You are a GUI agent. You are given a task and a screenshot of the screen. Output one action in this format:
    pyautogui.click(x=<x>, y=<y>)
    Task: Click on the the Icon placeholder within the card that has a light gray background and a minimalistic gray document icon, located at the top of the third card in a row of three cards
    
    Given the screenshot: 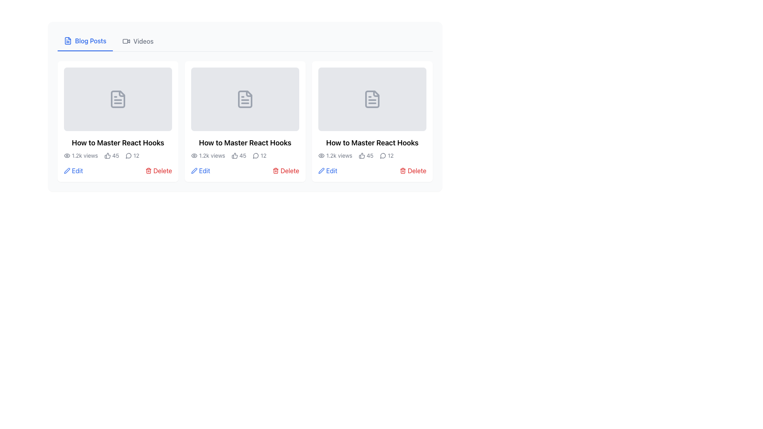 What is the action you would take?
    pyautogui.click(x=372, y=99)
    